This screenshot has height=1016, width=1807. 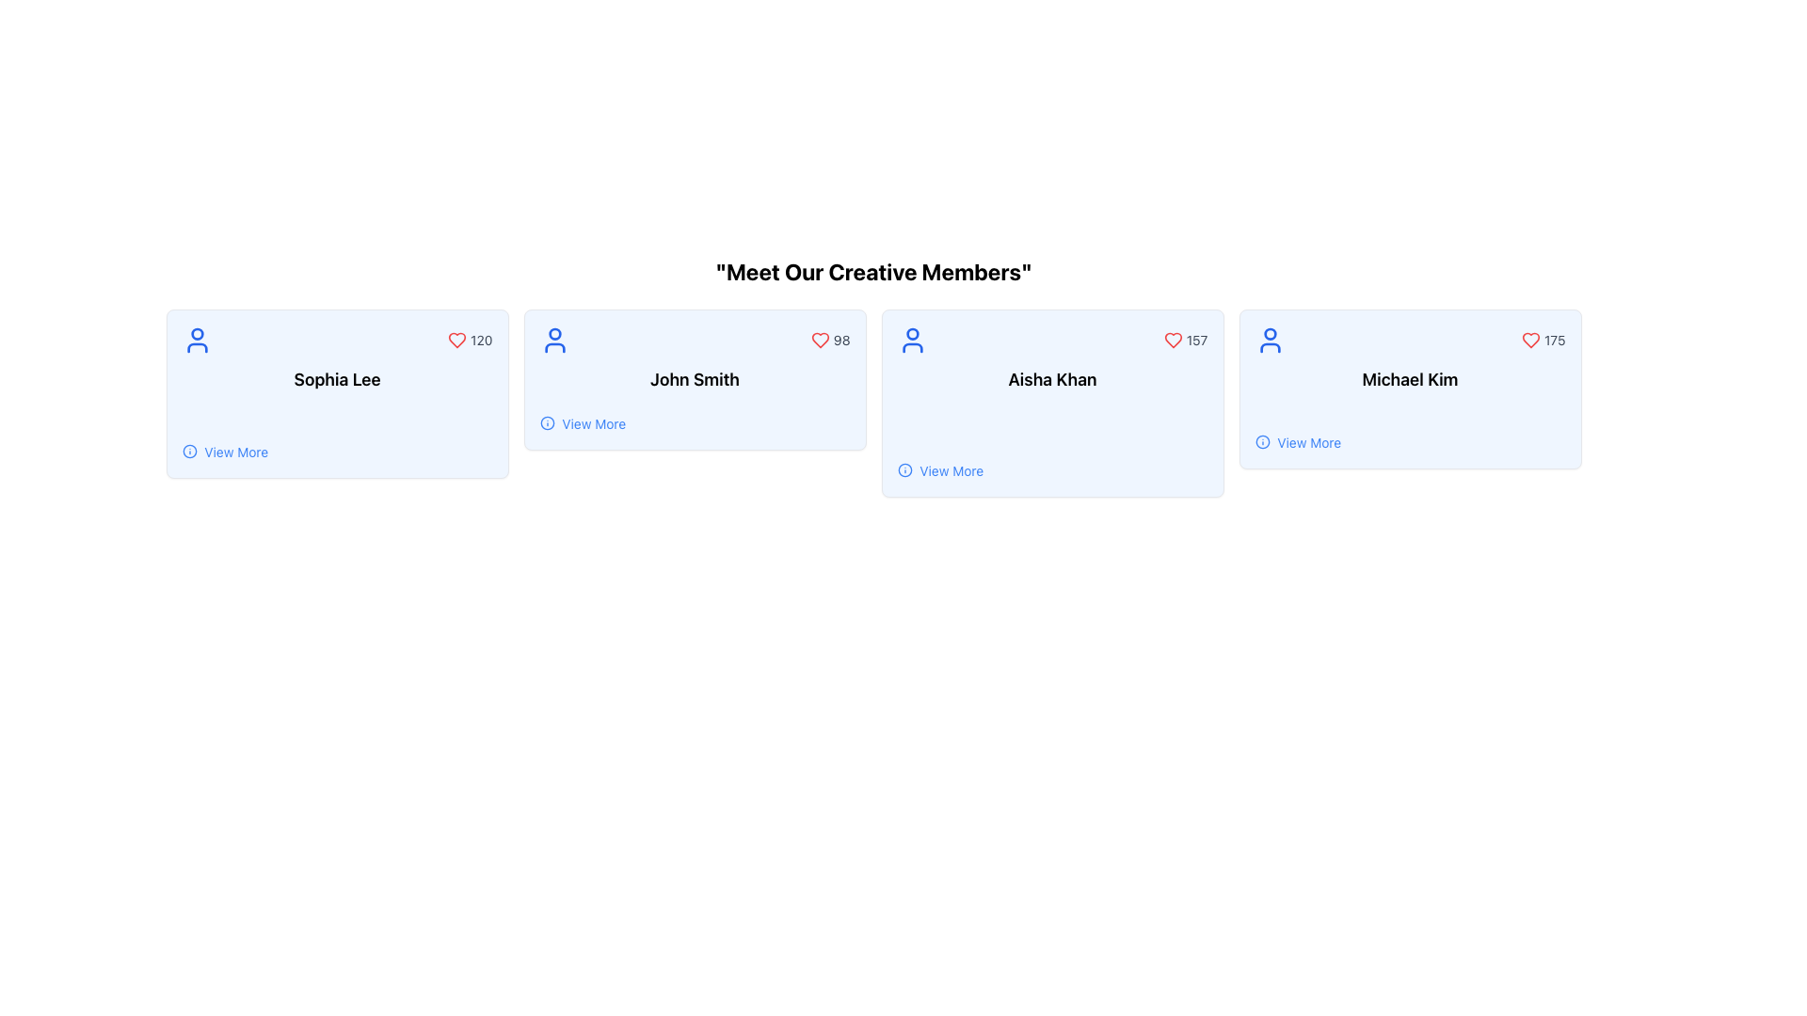 What do you see at coordinates (546, 423) in the screenshot?
I see `the decorative circular SVG component that is part of the 'info' icon in the card representing 'John Smith.'` at bounding box center [546, 423].